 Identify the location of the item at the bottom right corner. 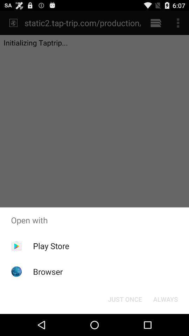
(165, 299).